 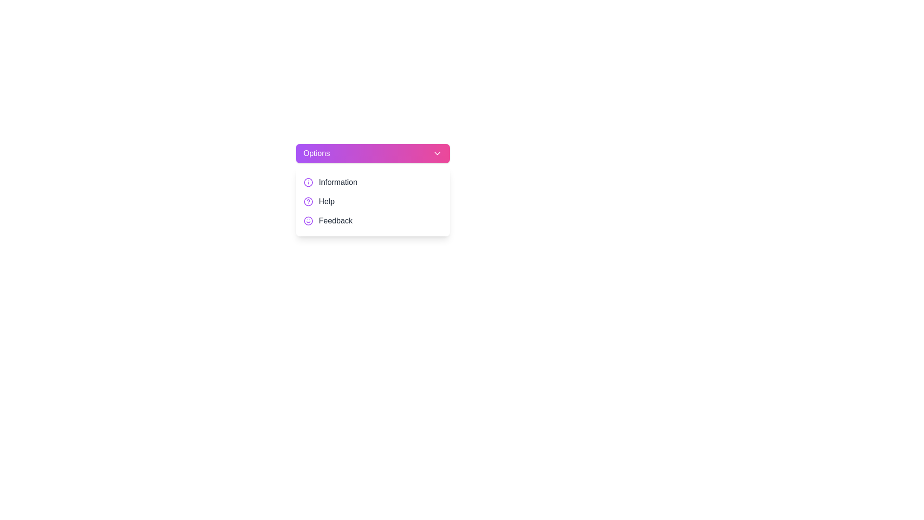 I want to click on the 'Help' button in the options menu, so click(x=372, y=201).